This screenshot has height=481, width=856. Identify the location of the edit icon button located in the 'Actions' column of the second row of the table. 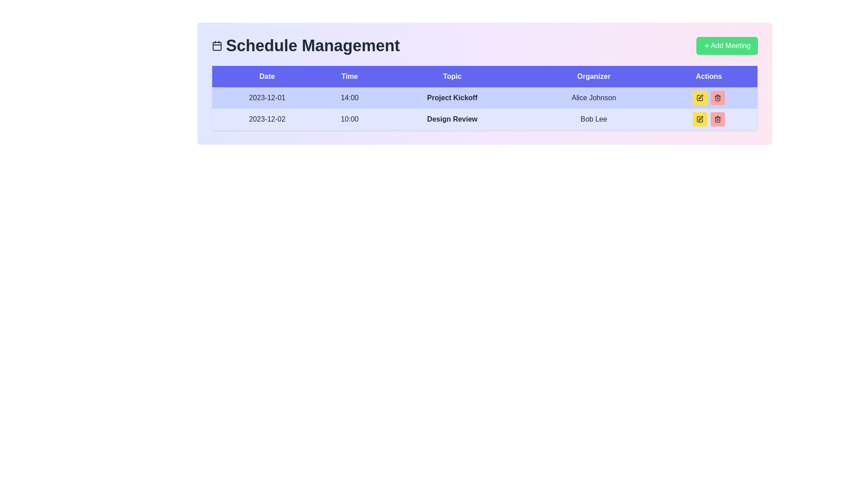
(699, 98).